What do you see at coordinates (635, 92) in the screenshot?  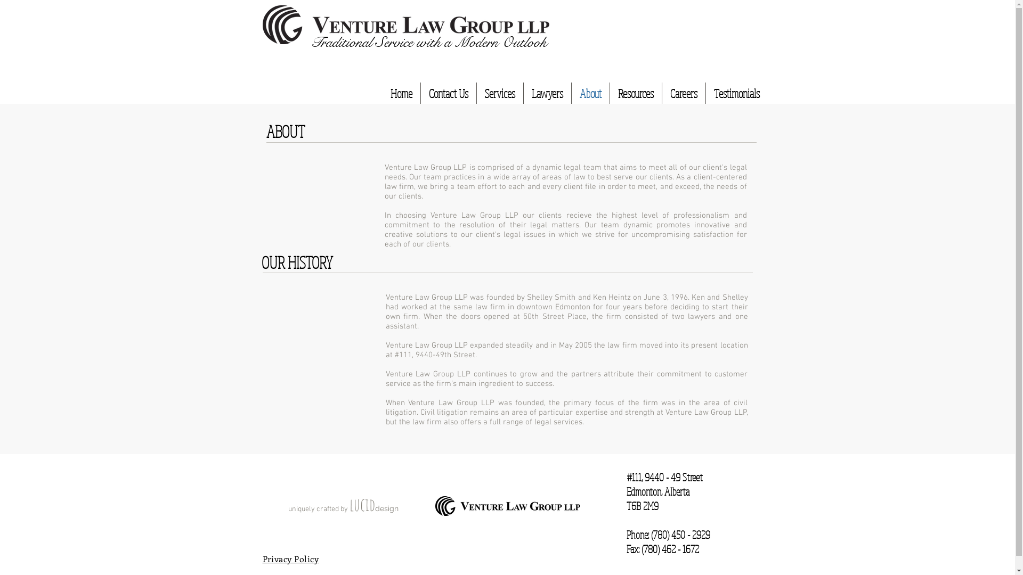 I see `'Resources'` at bounding box center [635, 92].